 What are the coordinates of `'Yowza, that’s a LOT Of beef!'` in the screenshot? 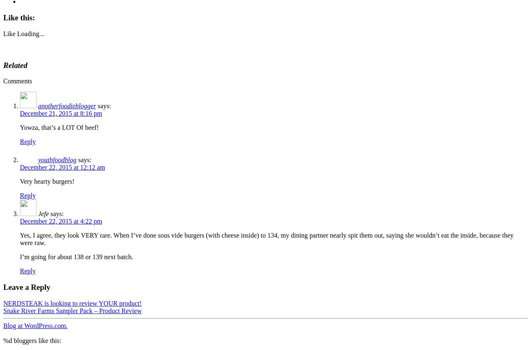 It's located at (20, 127).